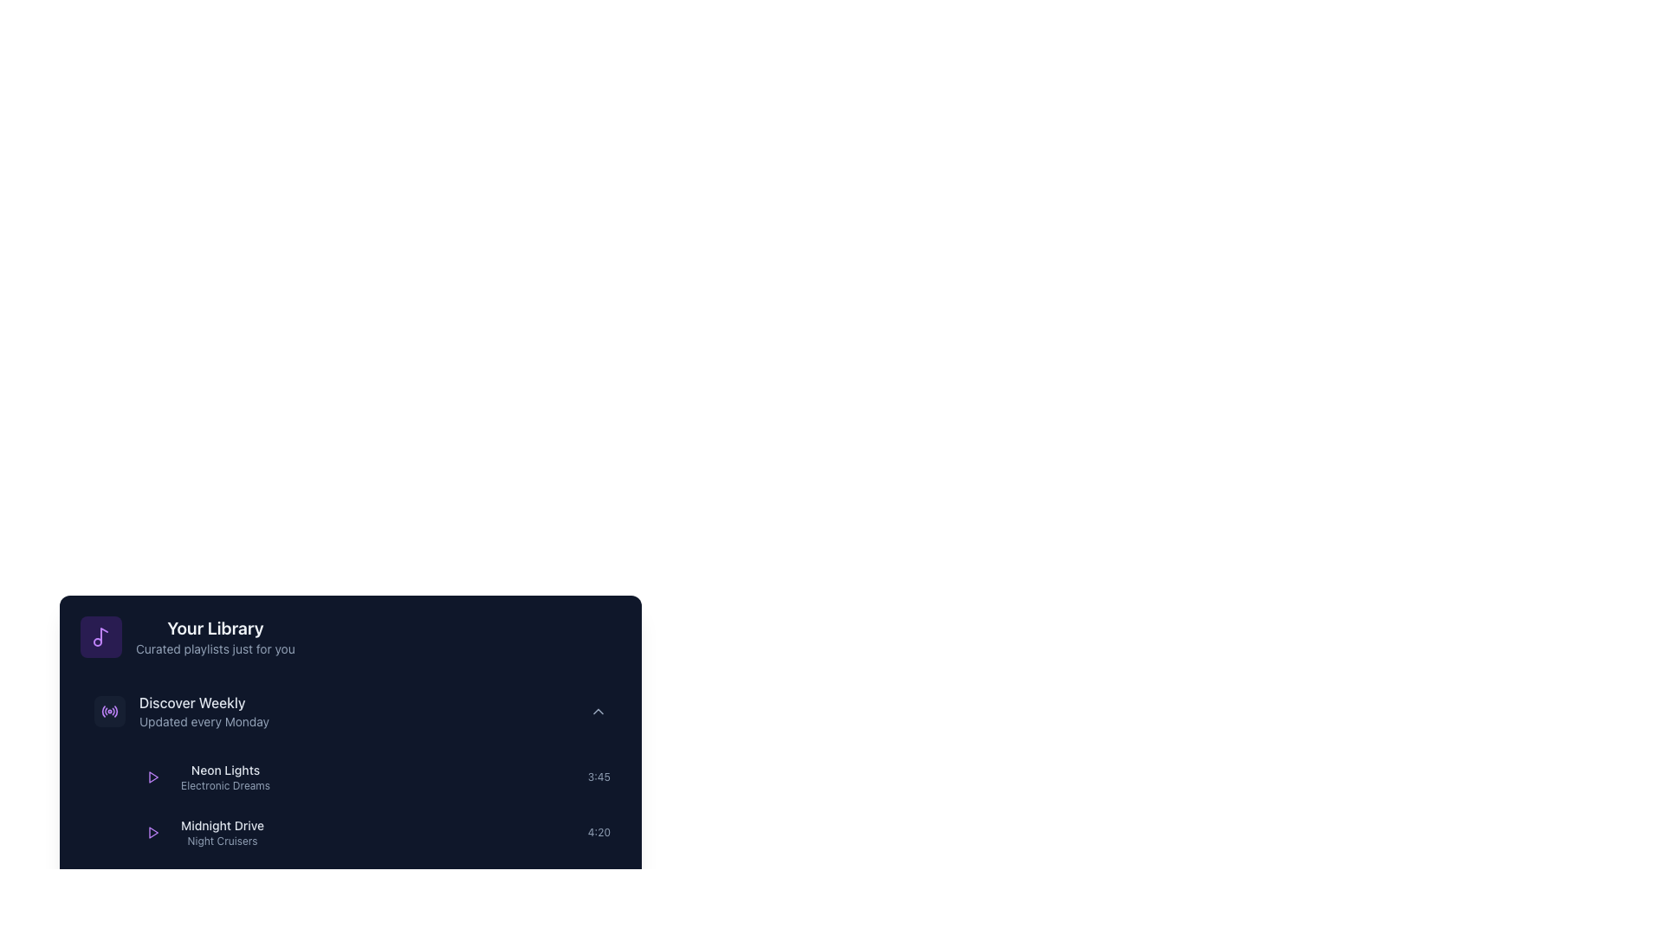 The height and width of the screenshot is (935, 1663). I want to click on the purple play icon styled as a triangle pointing right, located next to the 'Neon Lights' track, so click(153, 777).